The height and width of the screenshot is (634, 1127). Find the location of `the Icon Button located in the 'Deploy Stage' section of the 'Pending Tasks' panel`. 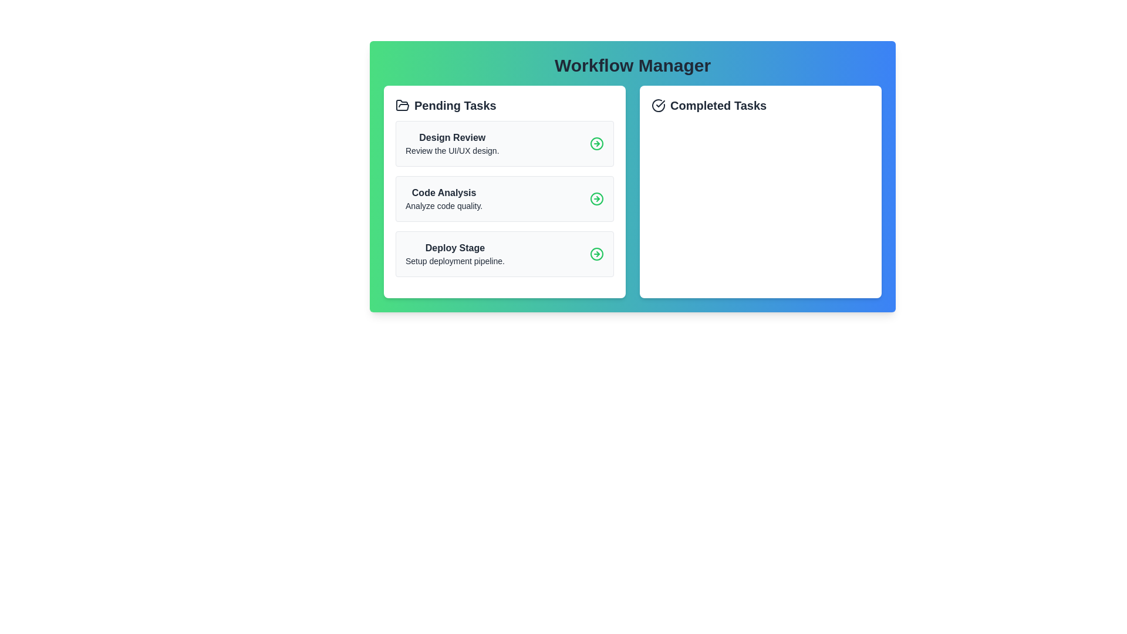

the Icon Button located in the 'Deploy Stage' section of the 'Pending Tasks' panel is located at coordinates (597, 253).